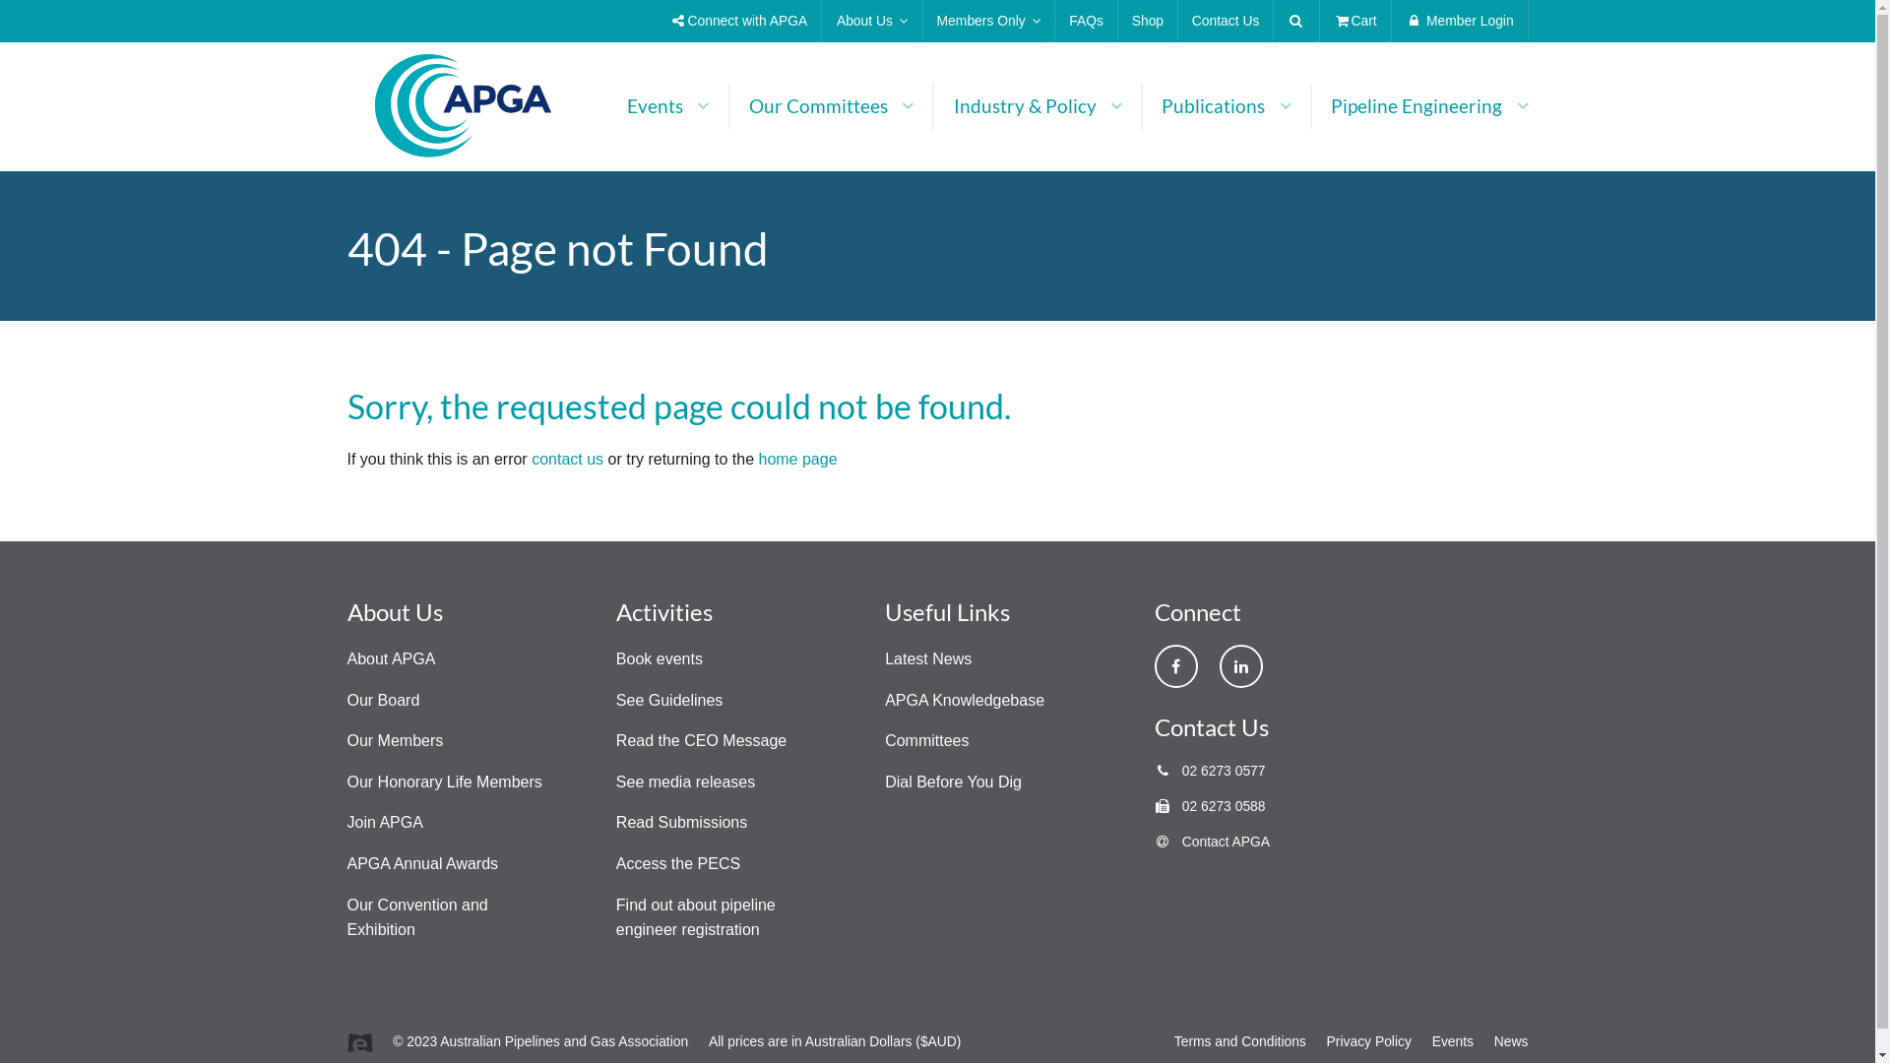 The width and height of the screenshot is (1890, 1063). I want to click on 'contact us', so click(566, 459).